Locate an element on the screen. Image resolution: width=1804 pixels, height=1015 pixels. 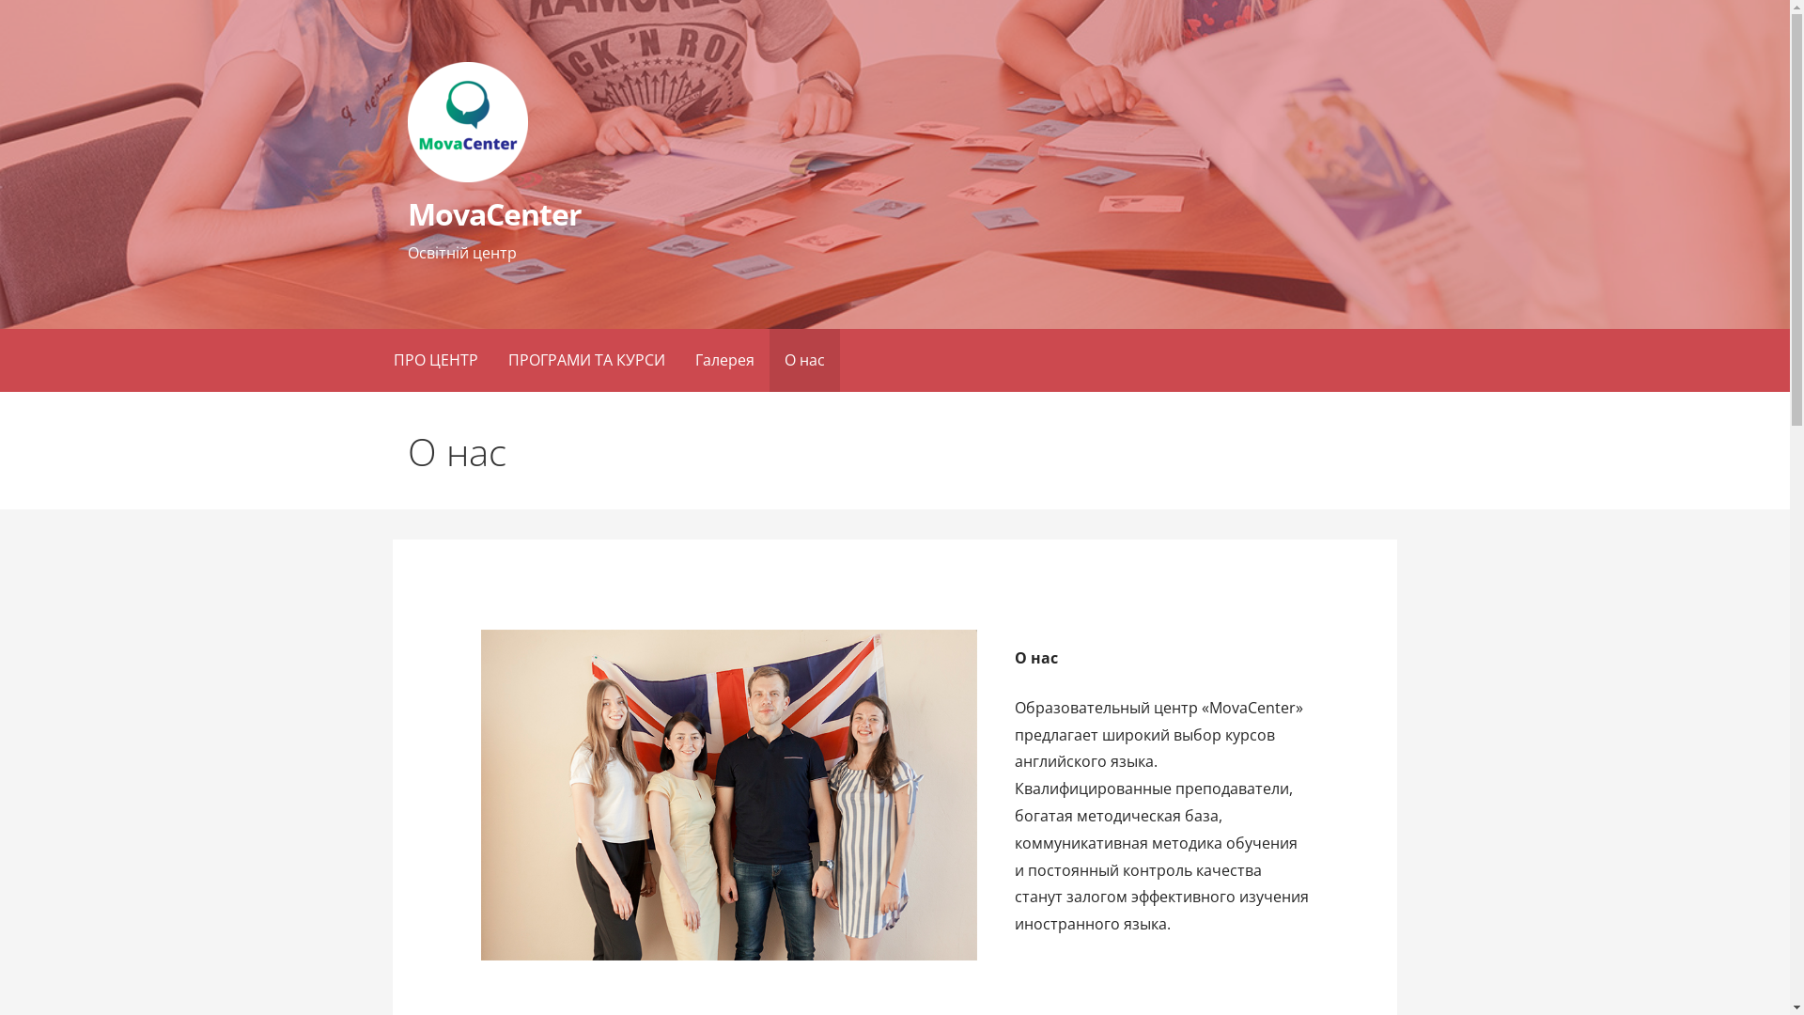
'team-mova-staff.jpg' is located at coordinates (728, 794).